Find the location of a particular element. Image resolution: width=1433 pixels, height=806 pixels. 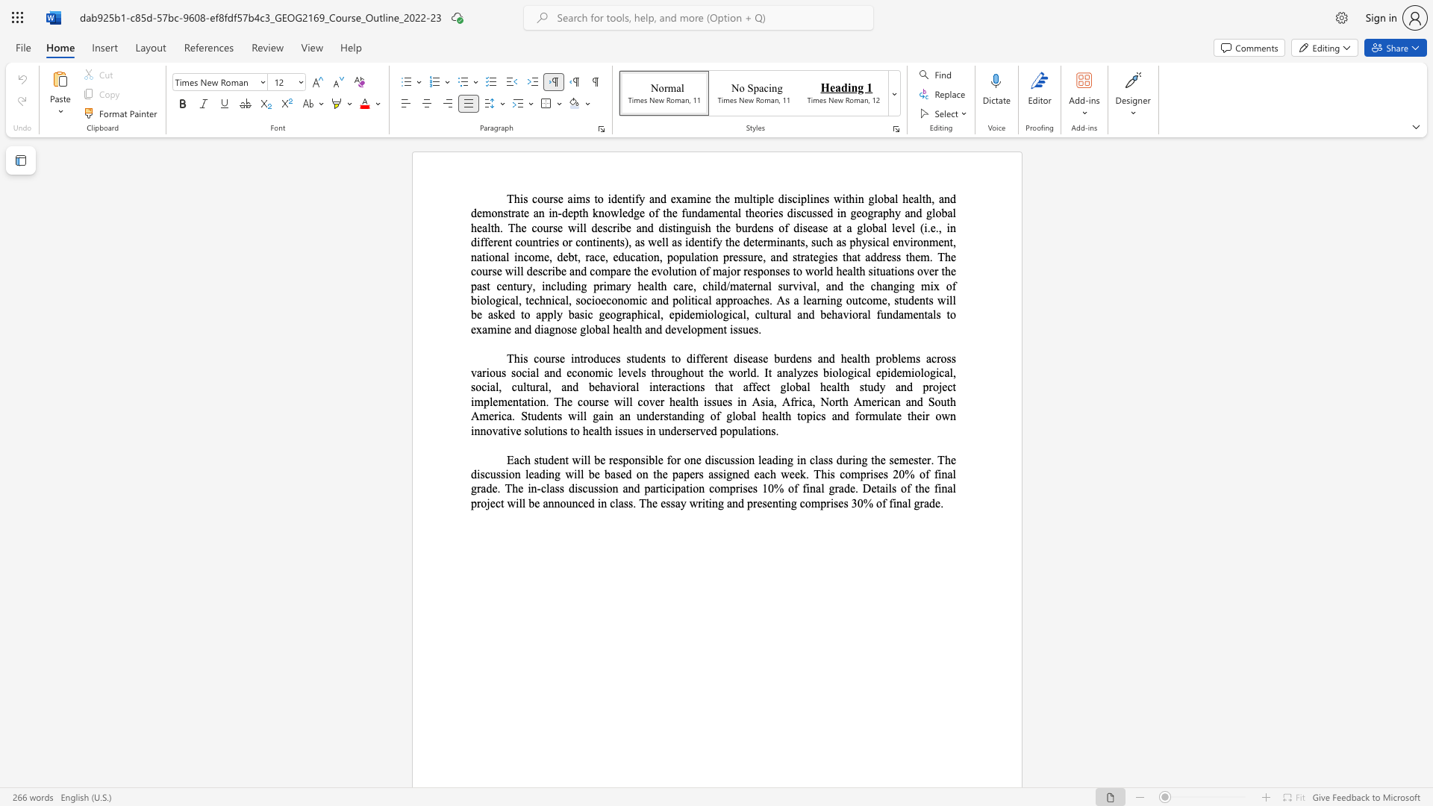

the subset text "f the fina" within the text "of the final" is located at coordinates (905, 488).